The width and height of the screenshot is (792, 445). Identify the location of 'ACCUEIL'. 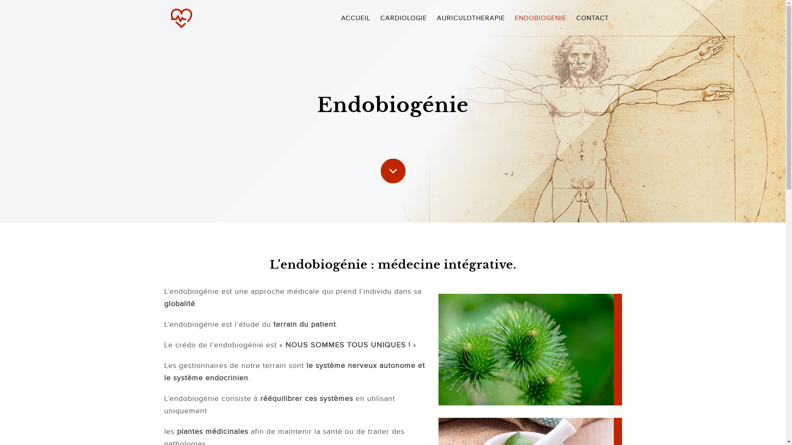
(337, 18).